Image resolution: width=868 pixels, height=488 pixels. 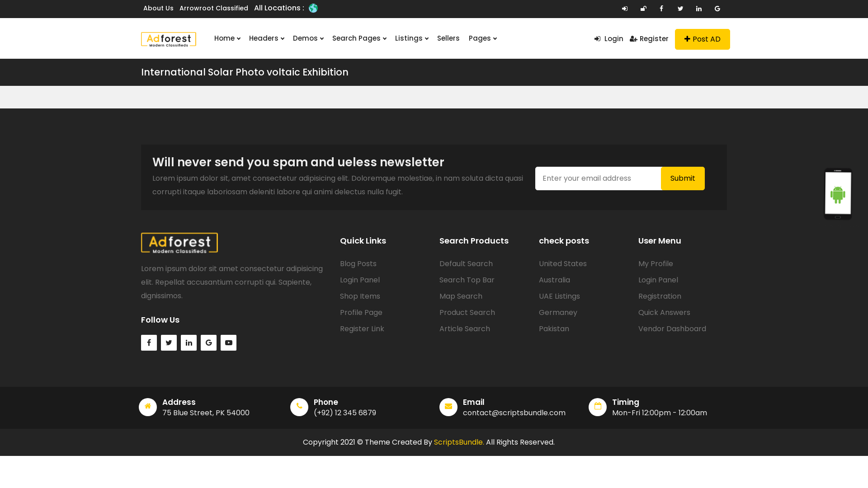 What do you see at coordinates (557, 312) in the screenshot?
I see `'Germaney'` at bounding box center [557, 312].